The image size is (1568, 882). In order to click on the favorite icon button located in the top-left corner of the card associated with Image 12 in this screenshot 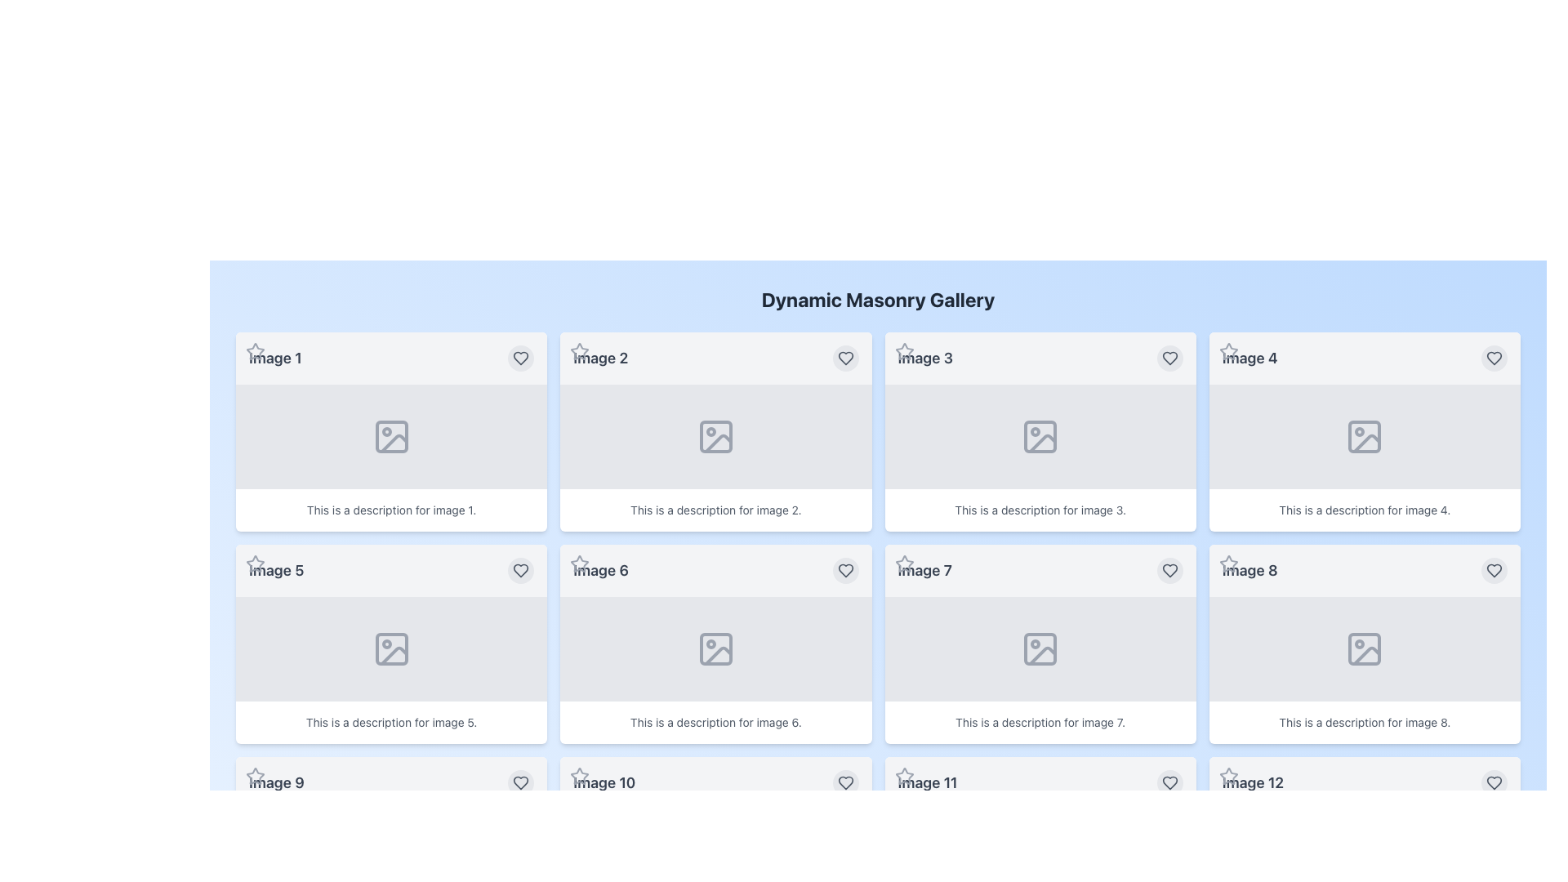, I will do `click(1228, 776)`.